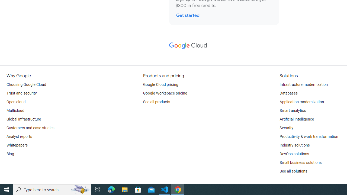  What do you see at coordinates (294, 154) in the screenshot?
I see `'DevOps solutions'` at bounding box center [294, 154].